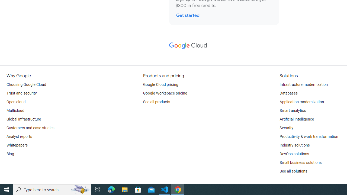  What do you see at coordinates (294, 154) in the screenshot?
I see `'DevOps solutions'` at bounding box center [294, 154].